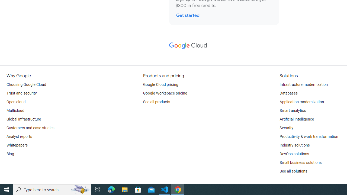  What do you see at coordinates (294, 154) in the screenshot?
I see `'DevOps solutions'` at bounding box center [294, 154].